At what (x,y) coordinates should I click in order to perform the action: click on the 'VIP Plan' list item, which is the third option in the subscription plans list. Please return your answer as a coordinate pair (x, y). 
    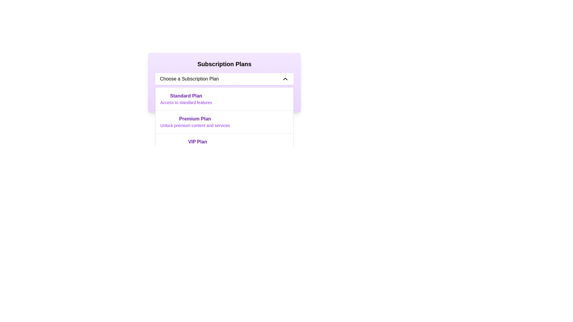
    Looking at the image, I should click on (198, 145).